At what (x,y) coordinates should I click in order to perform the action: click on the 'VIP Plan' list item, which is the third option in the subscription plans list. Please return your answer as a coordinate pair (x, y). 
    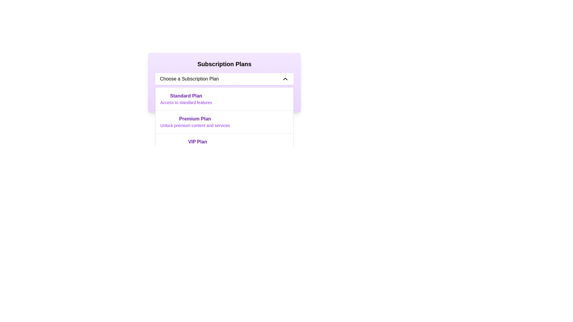
    Looking at the image, I should click on (198, 145).